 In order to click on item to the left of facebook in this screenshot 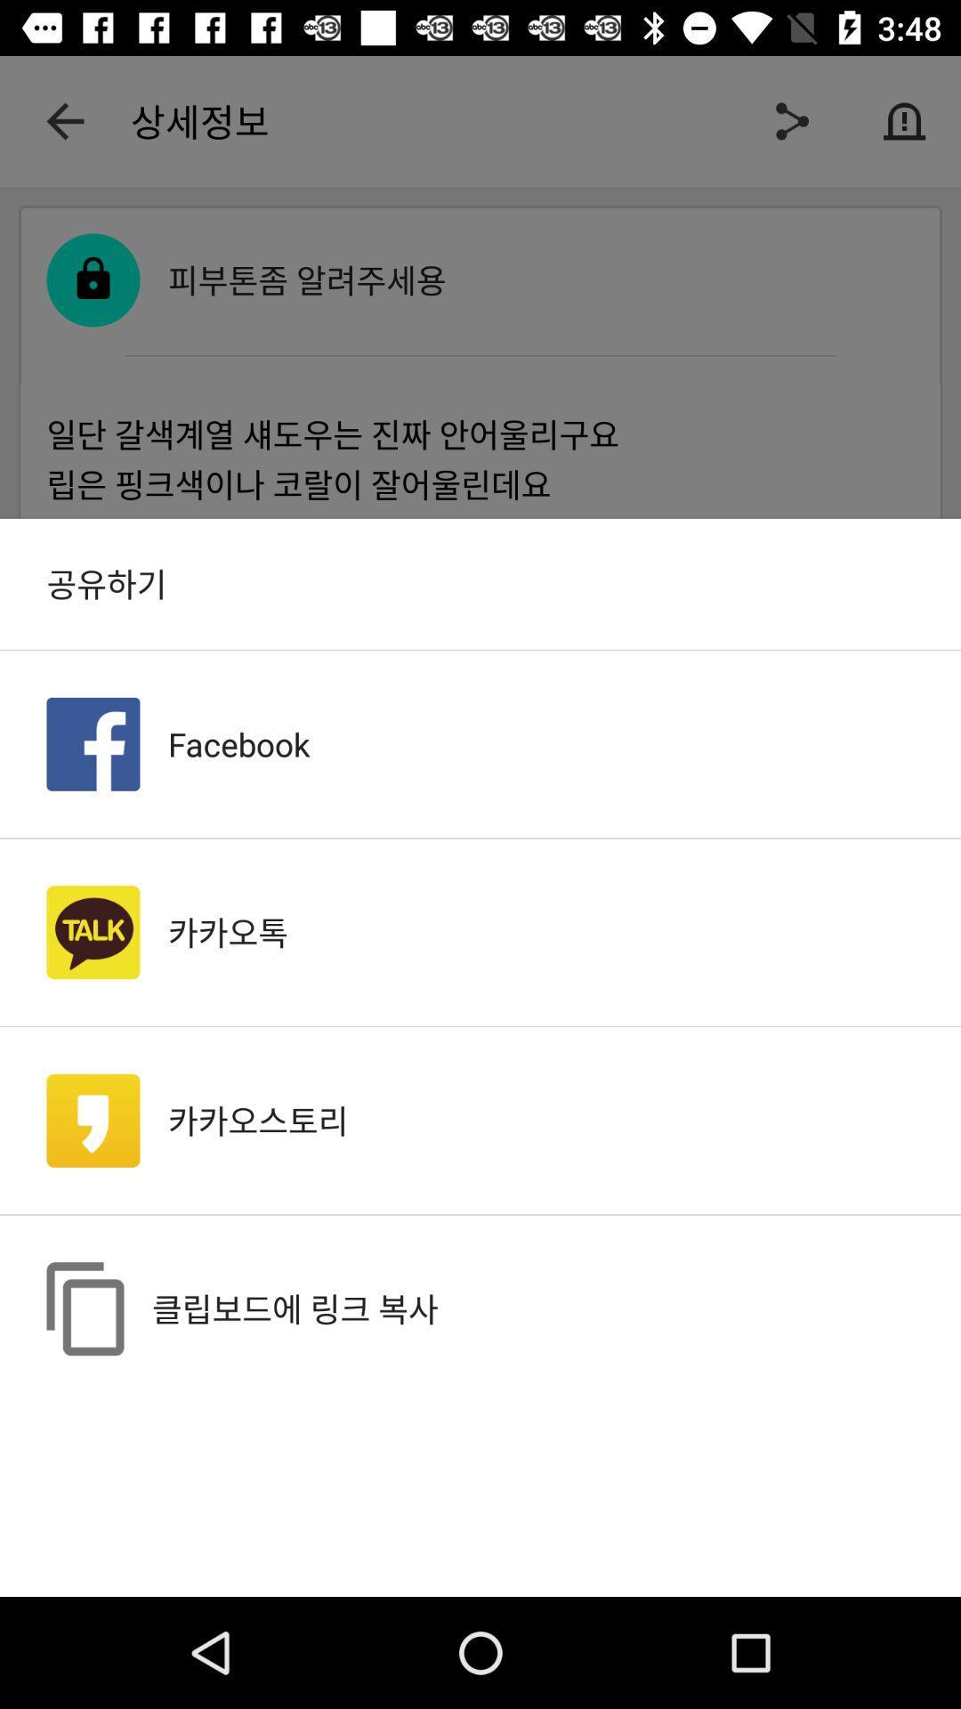, I will do `click(93, 744)`.